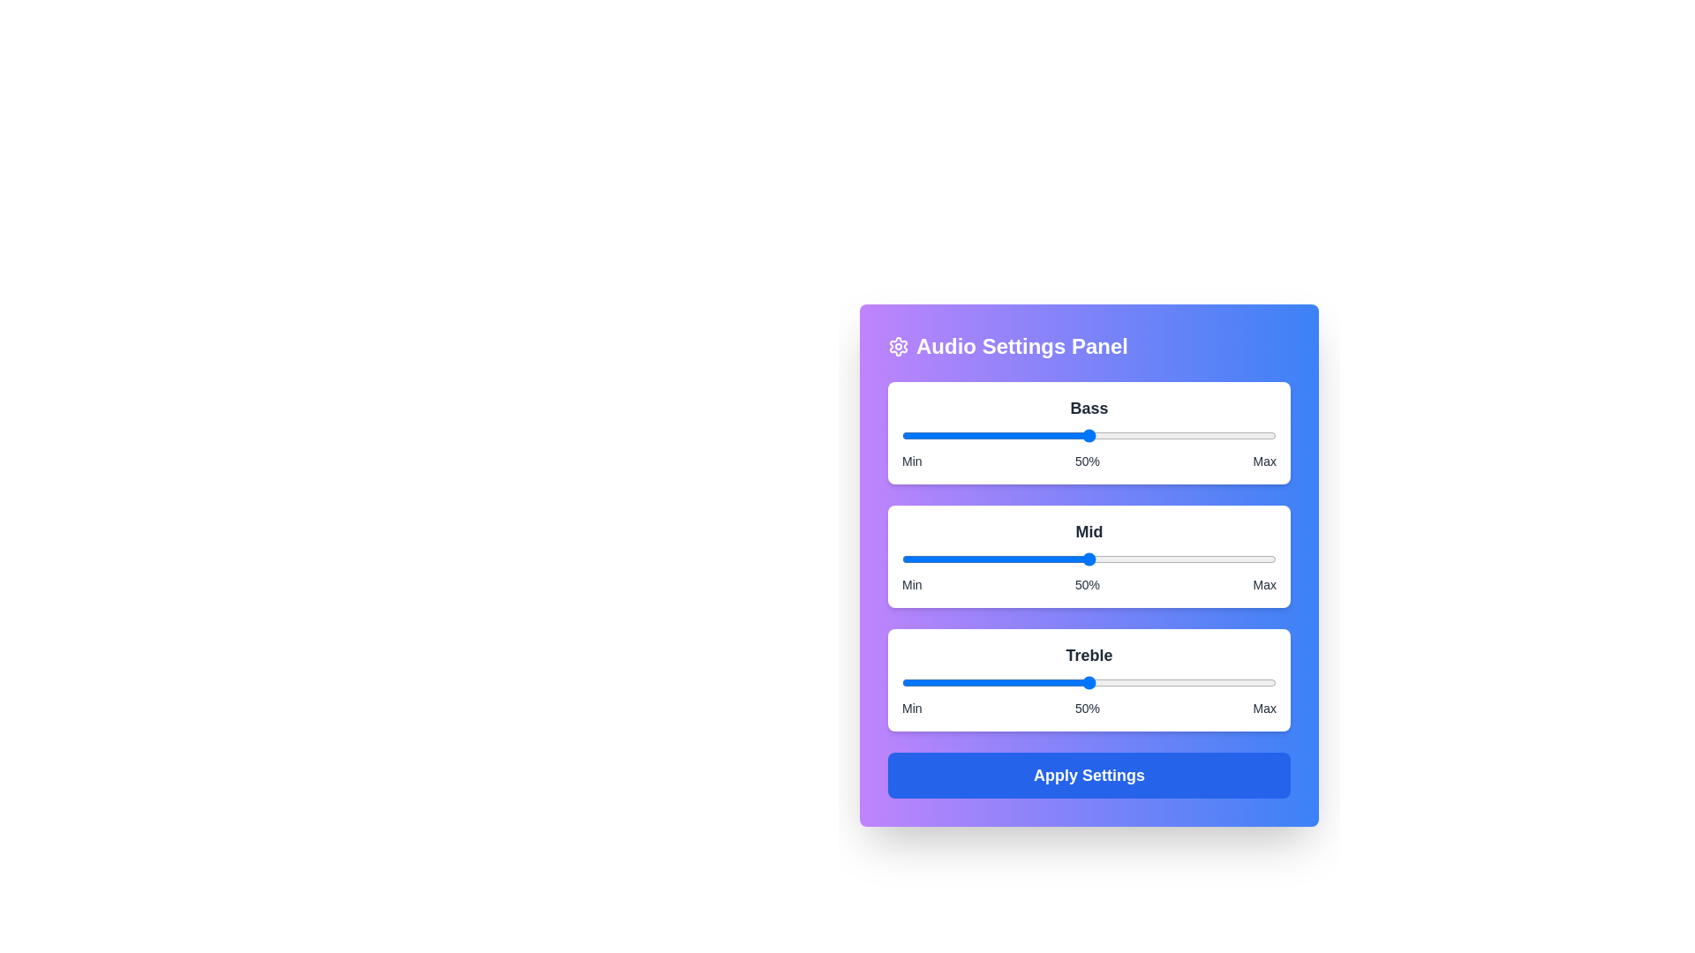  Describe the element at coordinates (1168, 435) in the screenshot. I see `the bass level` at that location.